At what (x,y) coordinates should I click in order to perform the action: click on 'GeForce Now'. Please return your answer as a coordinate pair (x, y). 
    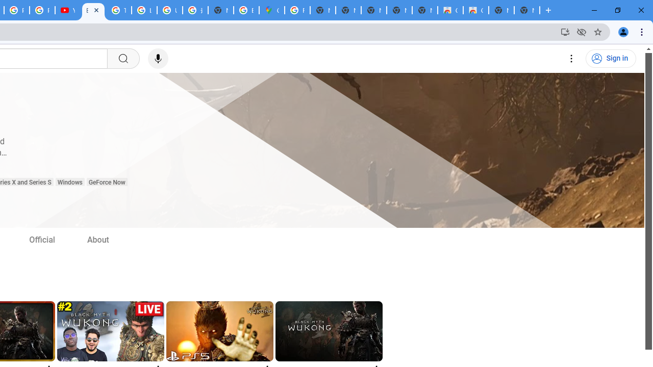
    Looking at the image, I should click on (107, 182).